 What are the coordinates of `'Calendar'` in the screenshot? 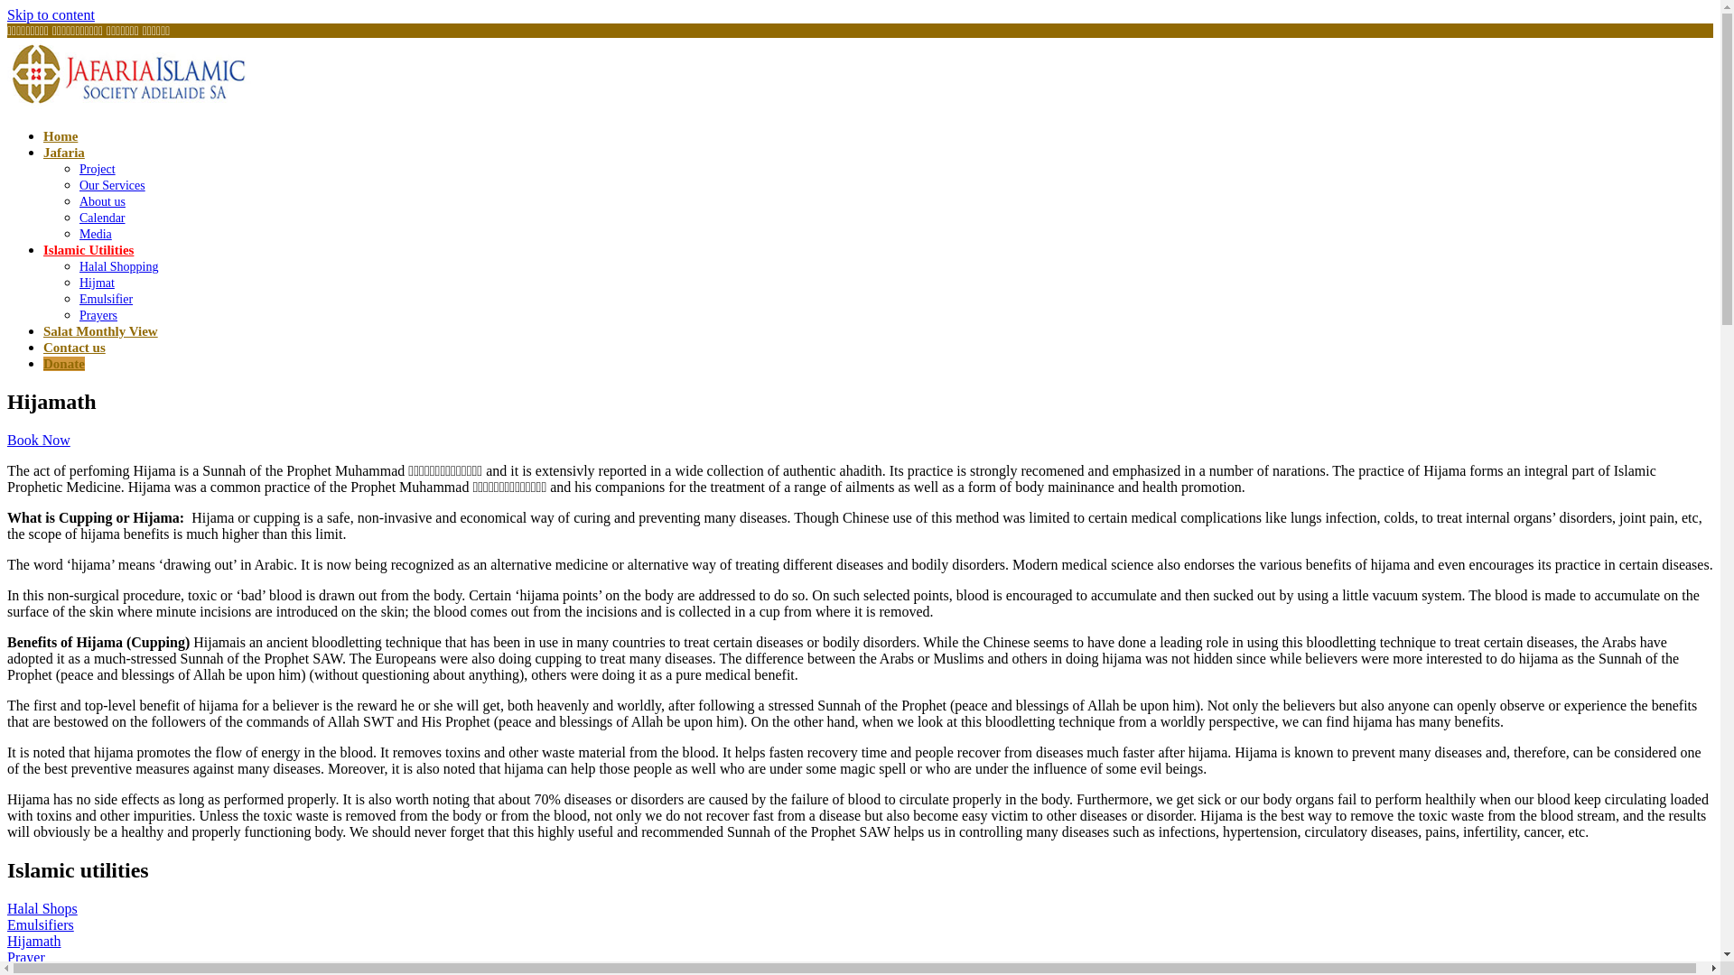 It's located at (101, 217).